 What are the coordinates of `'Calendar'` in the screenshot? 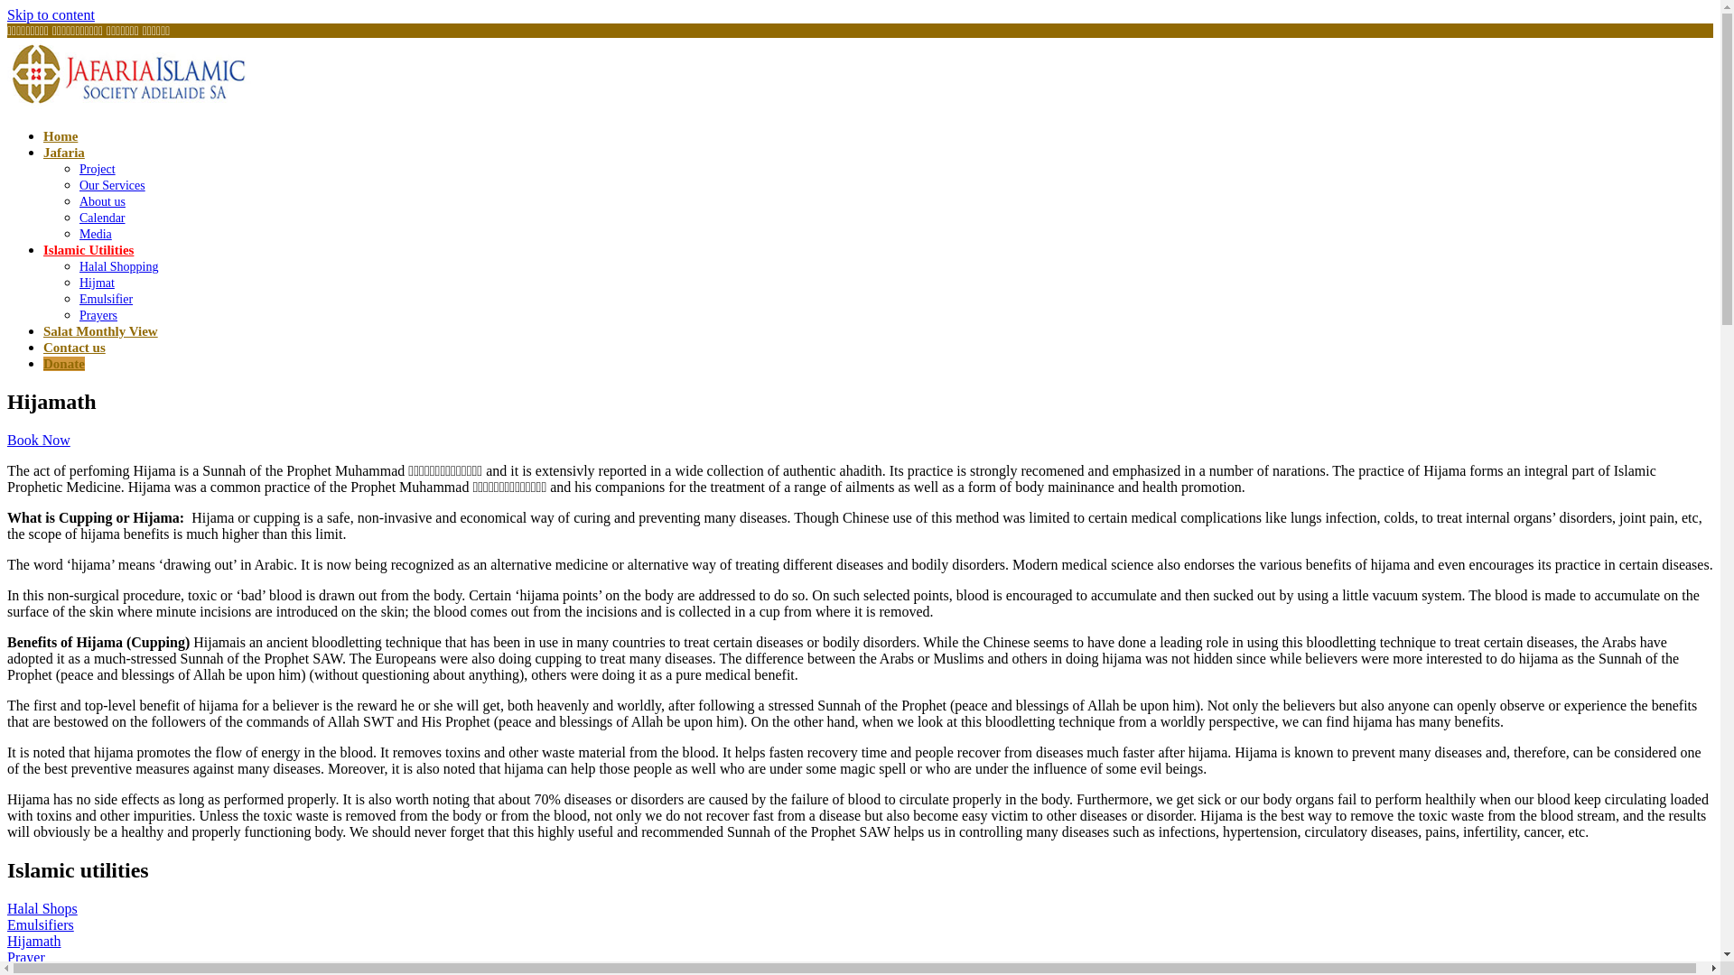 It's located at (101, 217).